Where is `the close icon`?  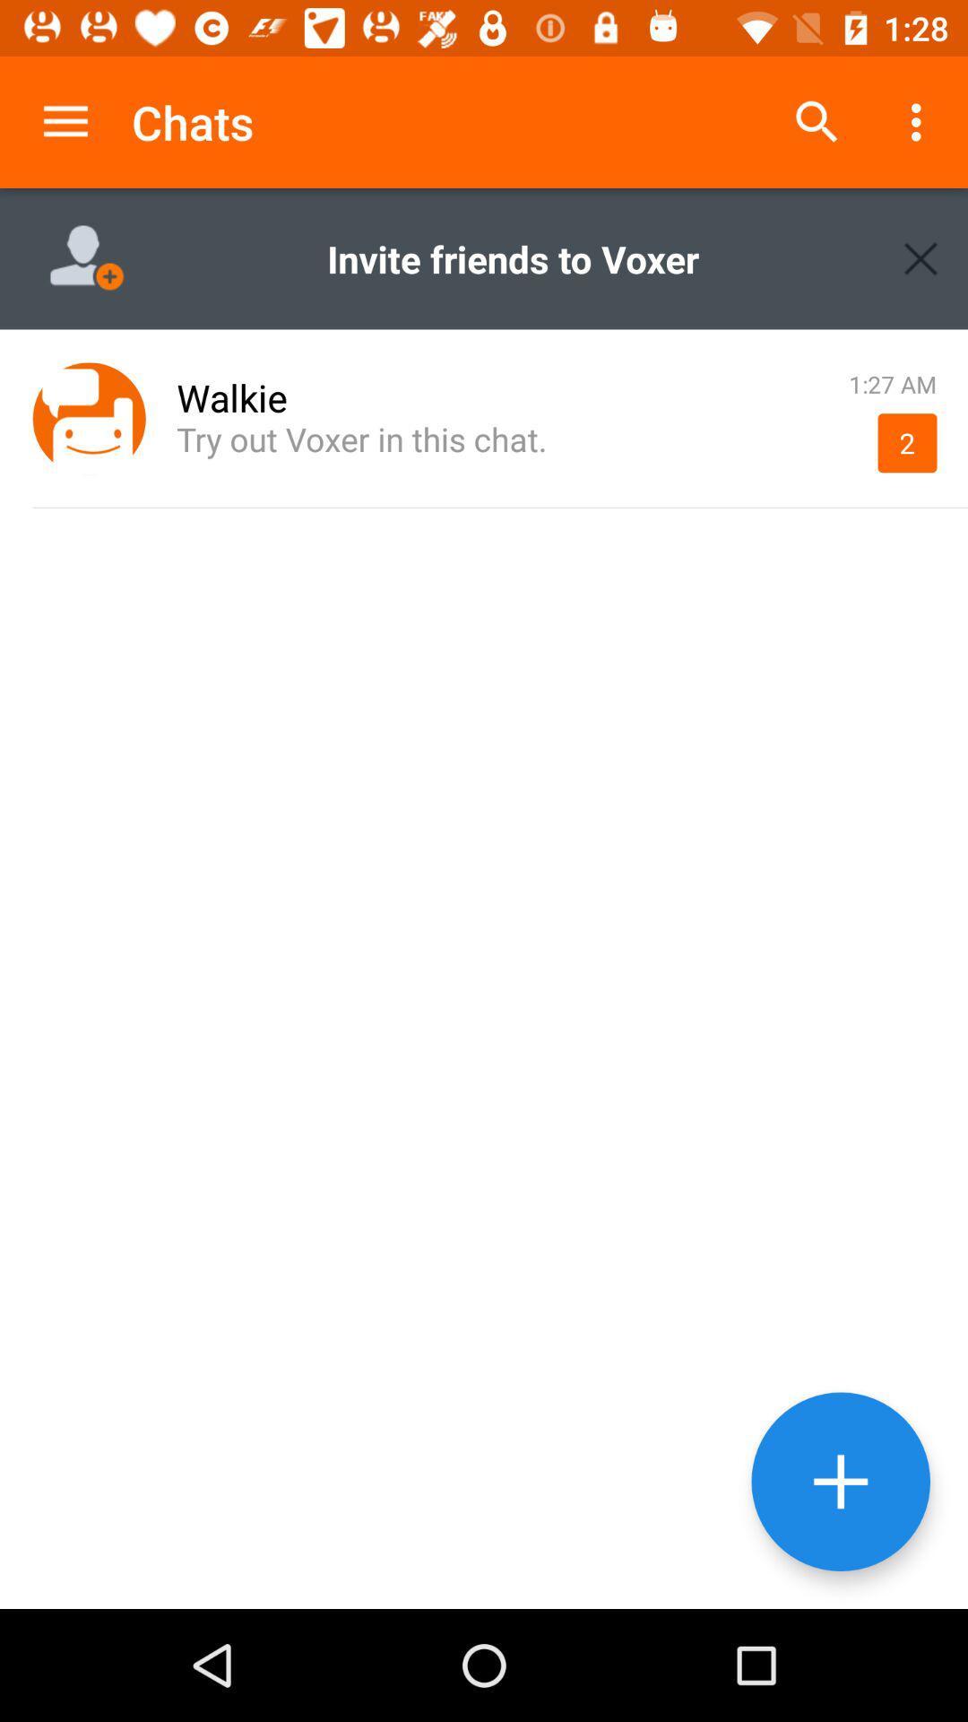
the close icon is located at coordinates (920, 257).